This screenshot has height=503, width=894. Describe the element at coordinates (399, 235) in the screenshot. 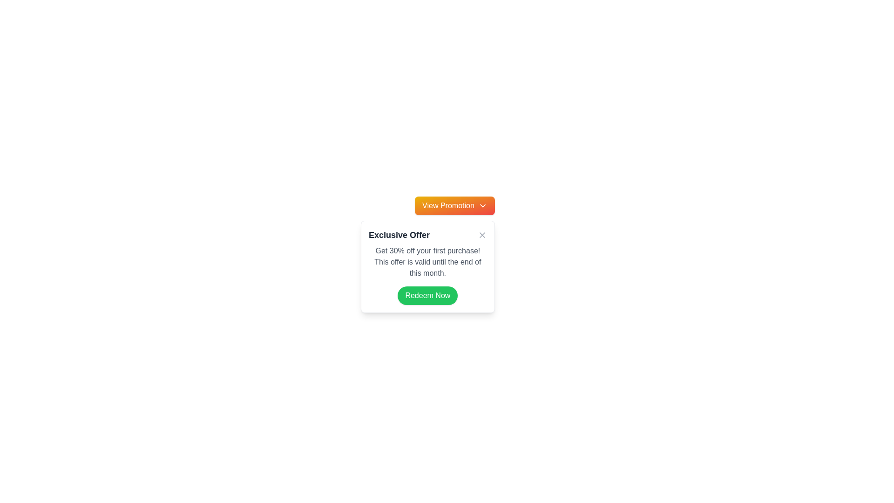

I see `text content of the bold, large-sized text label displaying 'Exclusive Offer' located in the top-left corner of the pop-up interface` at that location.